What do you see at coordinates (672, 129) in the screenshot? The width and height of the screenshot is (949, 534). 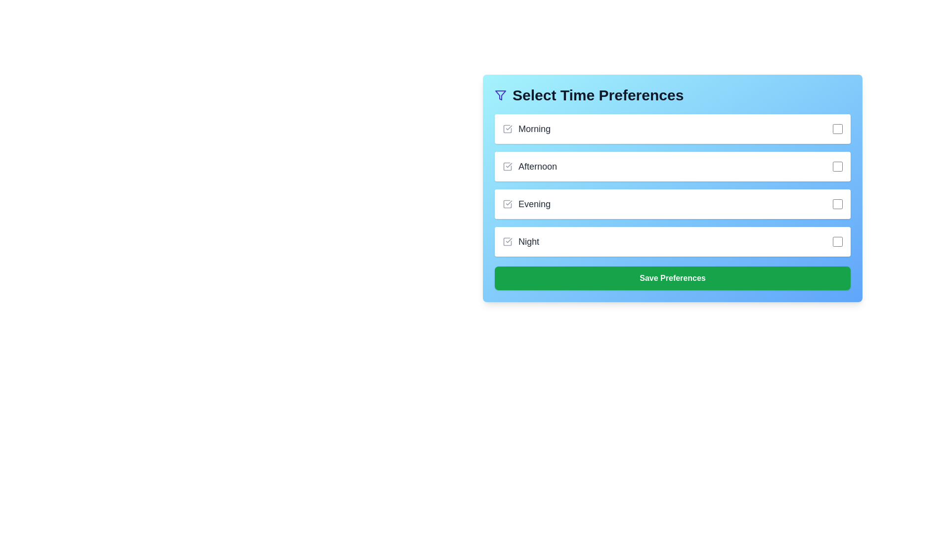 I see `the first list item labeled 'Morning' with a checkbox under the 'Select Time Preferences' title` at bounding box center [672, 129].